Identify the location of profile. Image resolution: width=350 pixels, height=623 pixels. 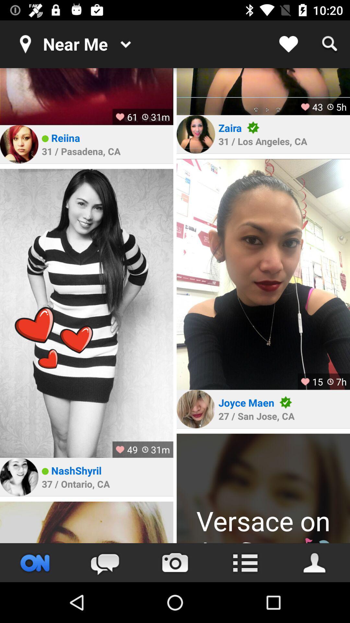
(315, 562).